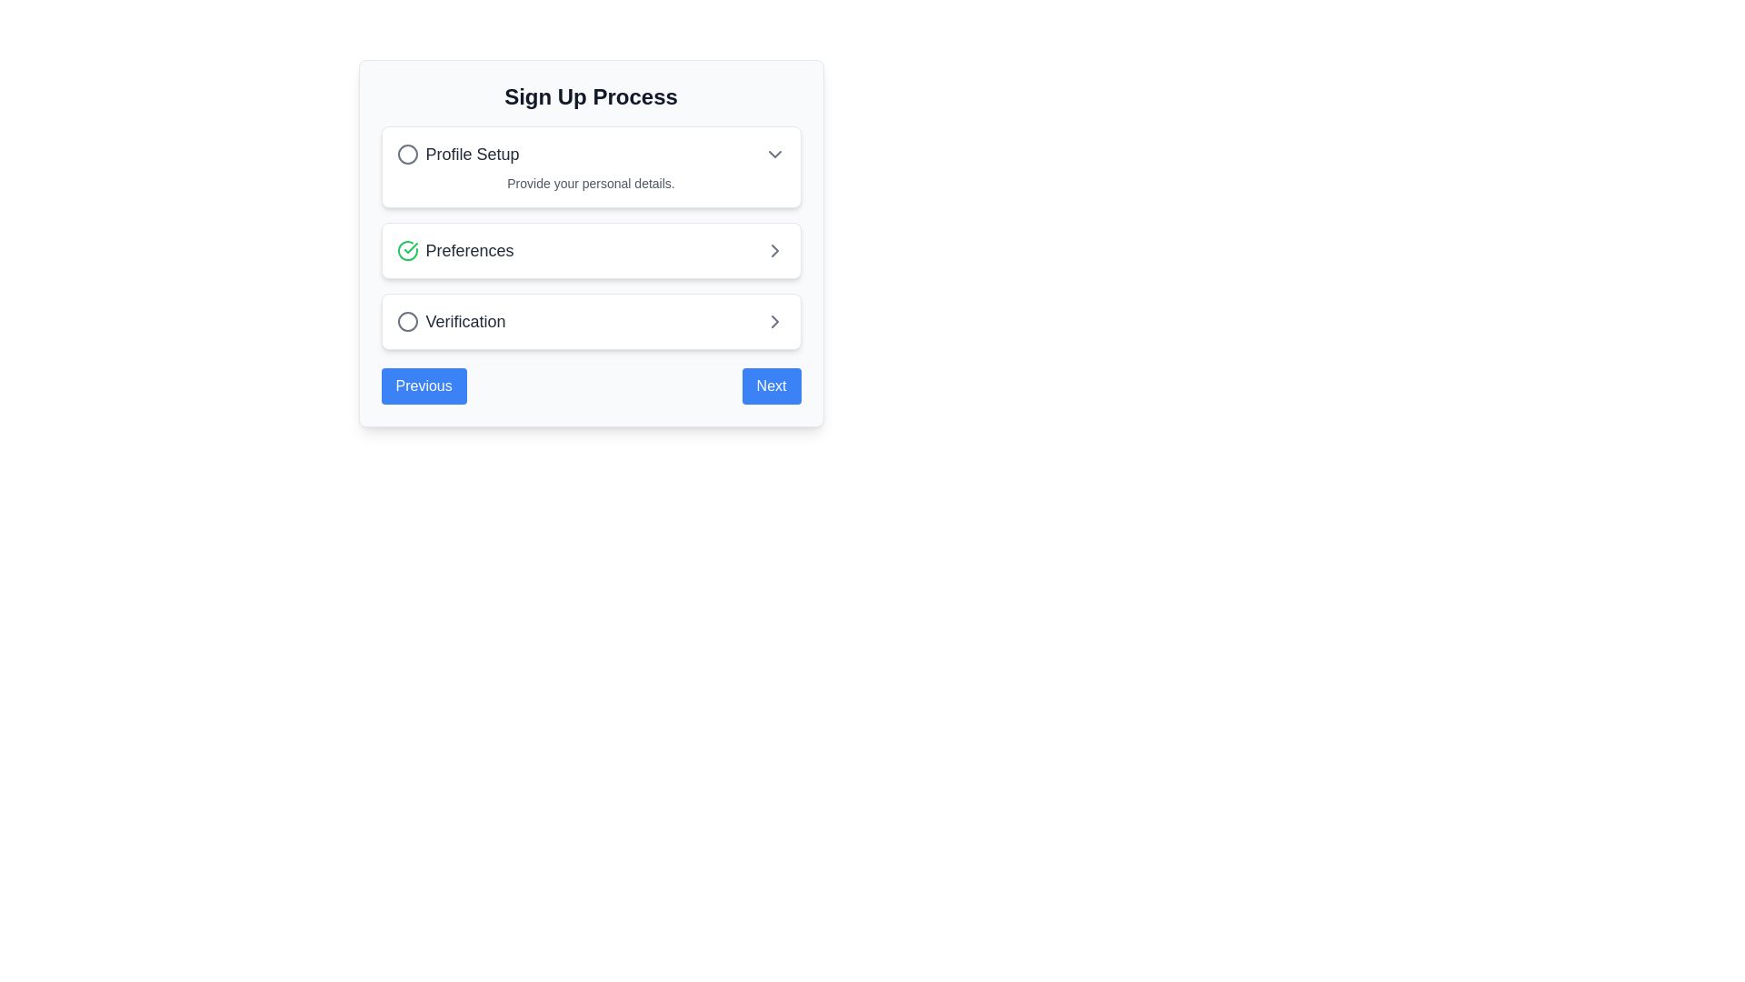  I want to click on the first item in the vertical list indicating the 'Profile Setup' step, so click(458, 153).